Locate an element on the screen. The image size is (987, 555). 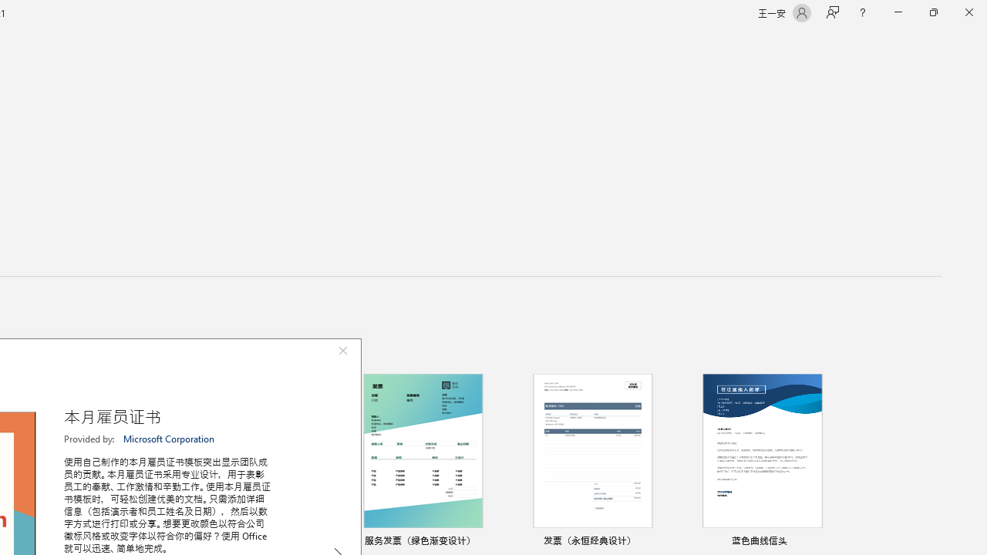
'Microsoft Corporation' is located at coordinates (170, 439).